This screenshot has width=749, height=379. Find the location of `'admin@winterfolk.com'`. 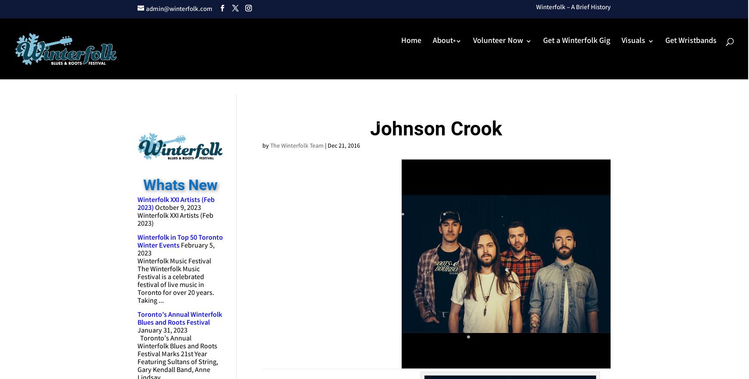

'admin@winterfolk.com' is located at coordinates (179, 9).